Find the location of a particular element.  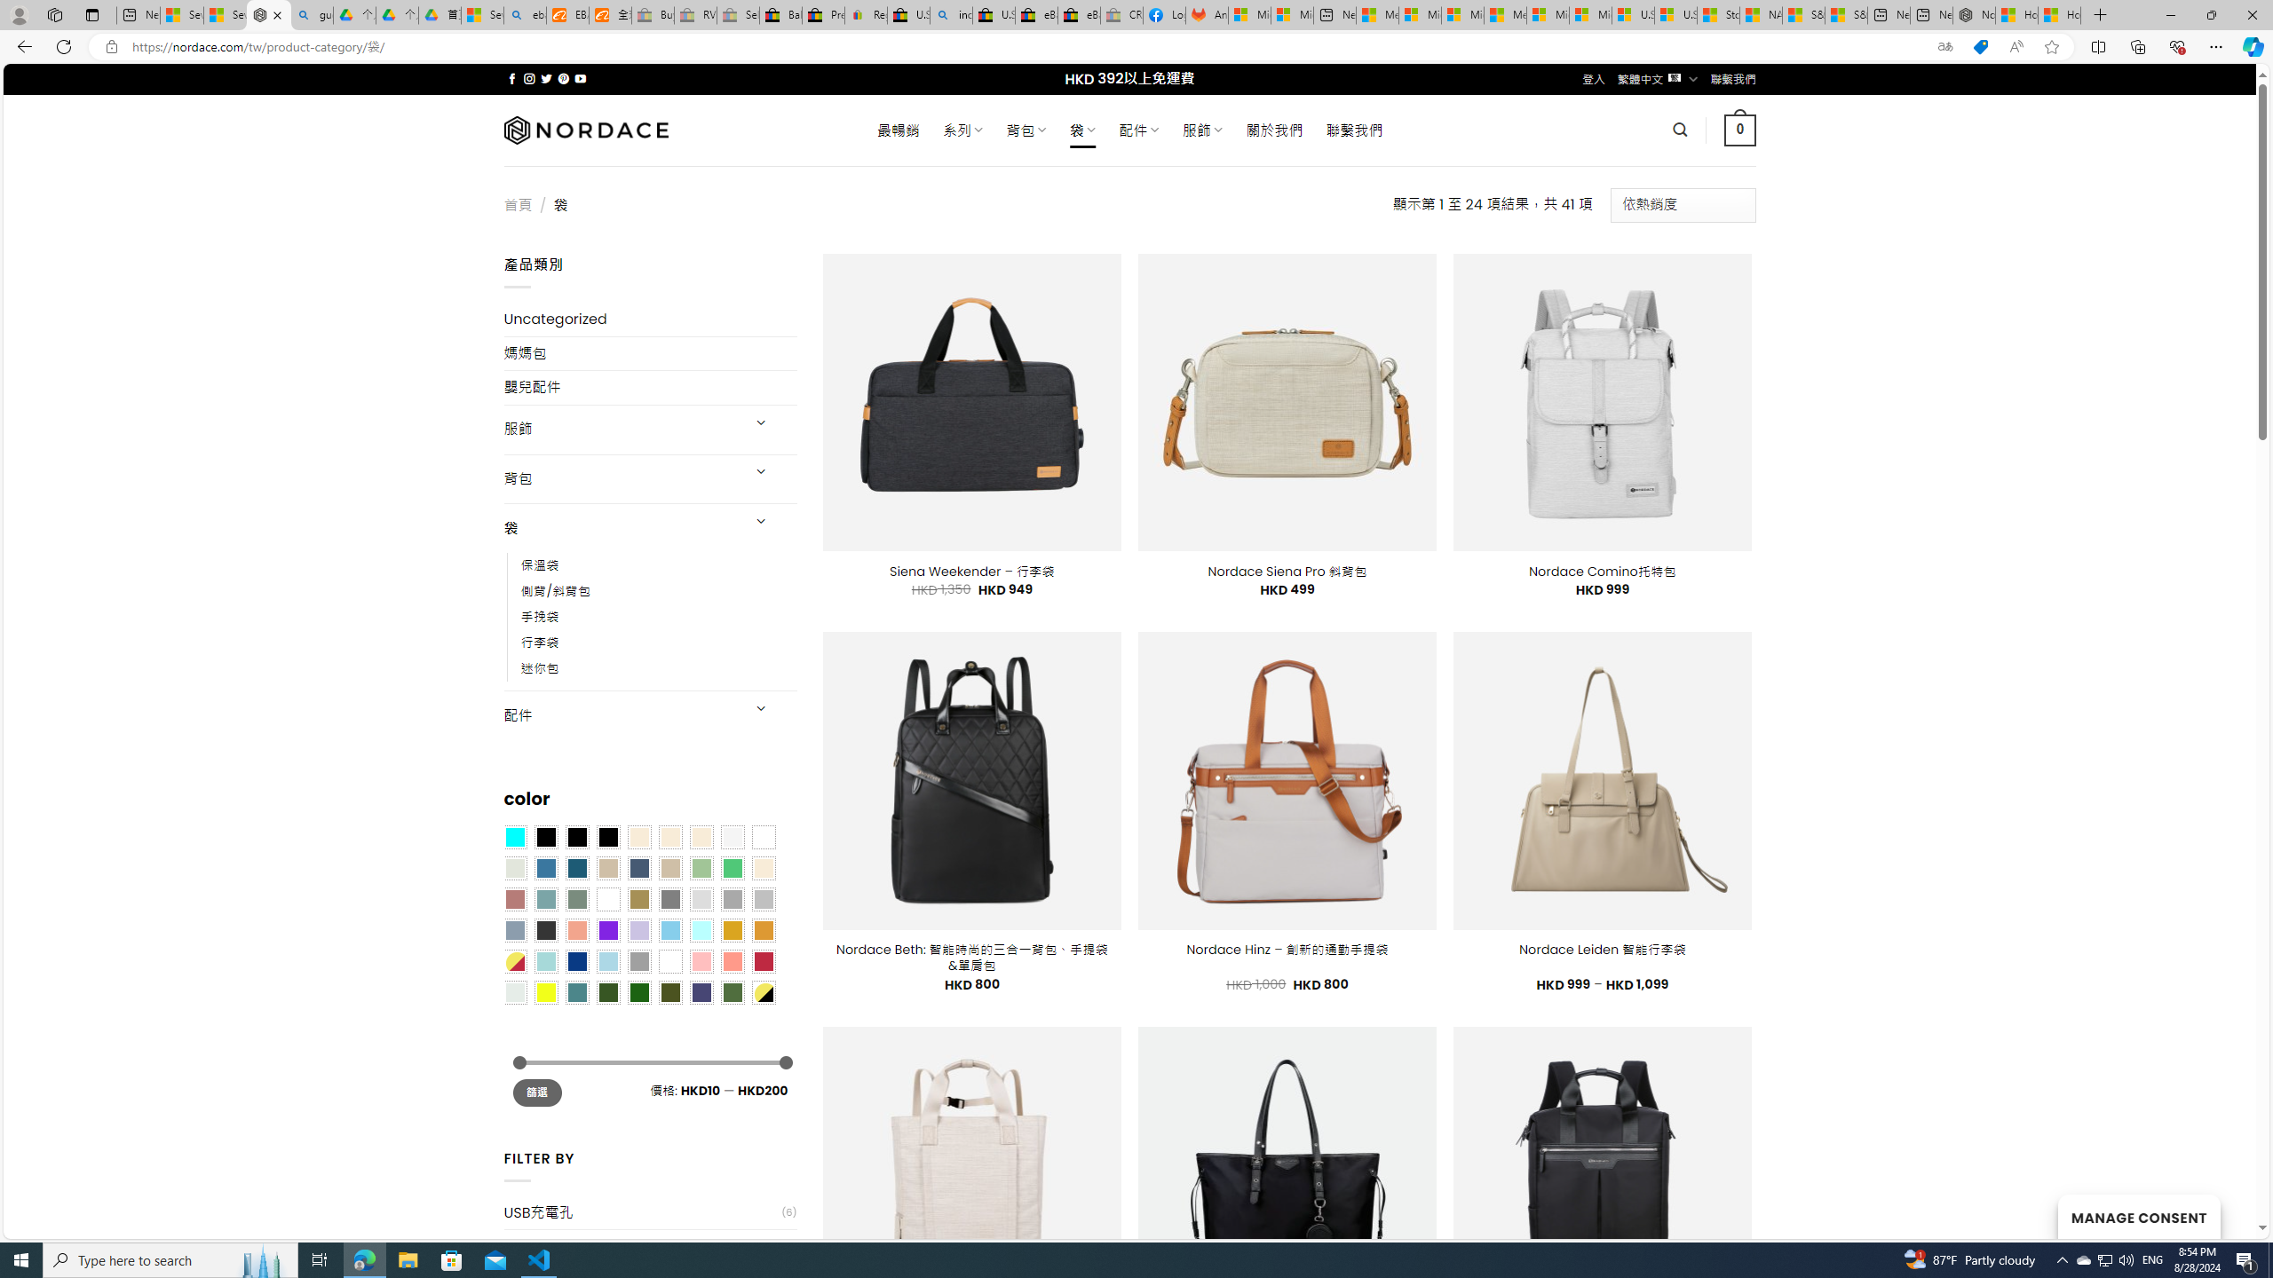

'Press Room - eBay Inc.' is located at coordinates (824, 14).